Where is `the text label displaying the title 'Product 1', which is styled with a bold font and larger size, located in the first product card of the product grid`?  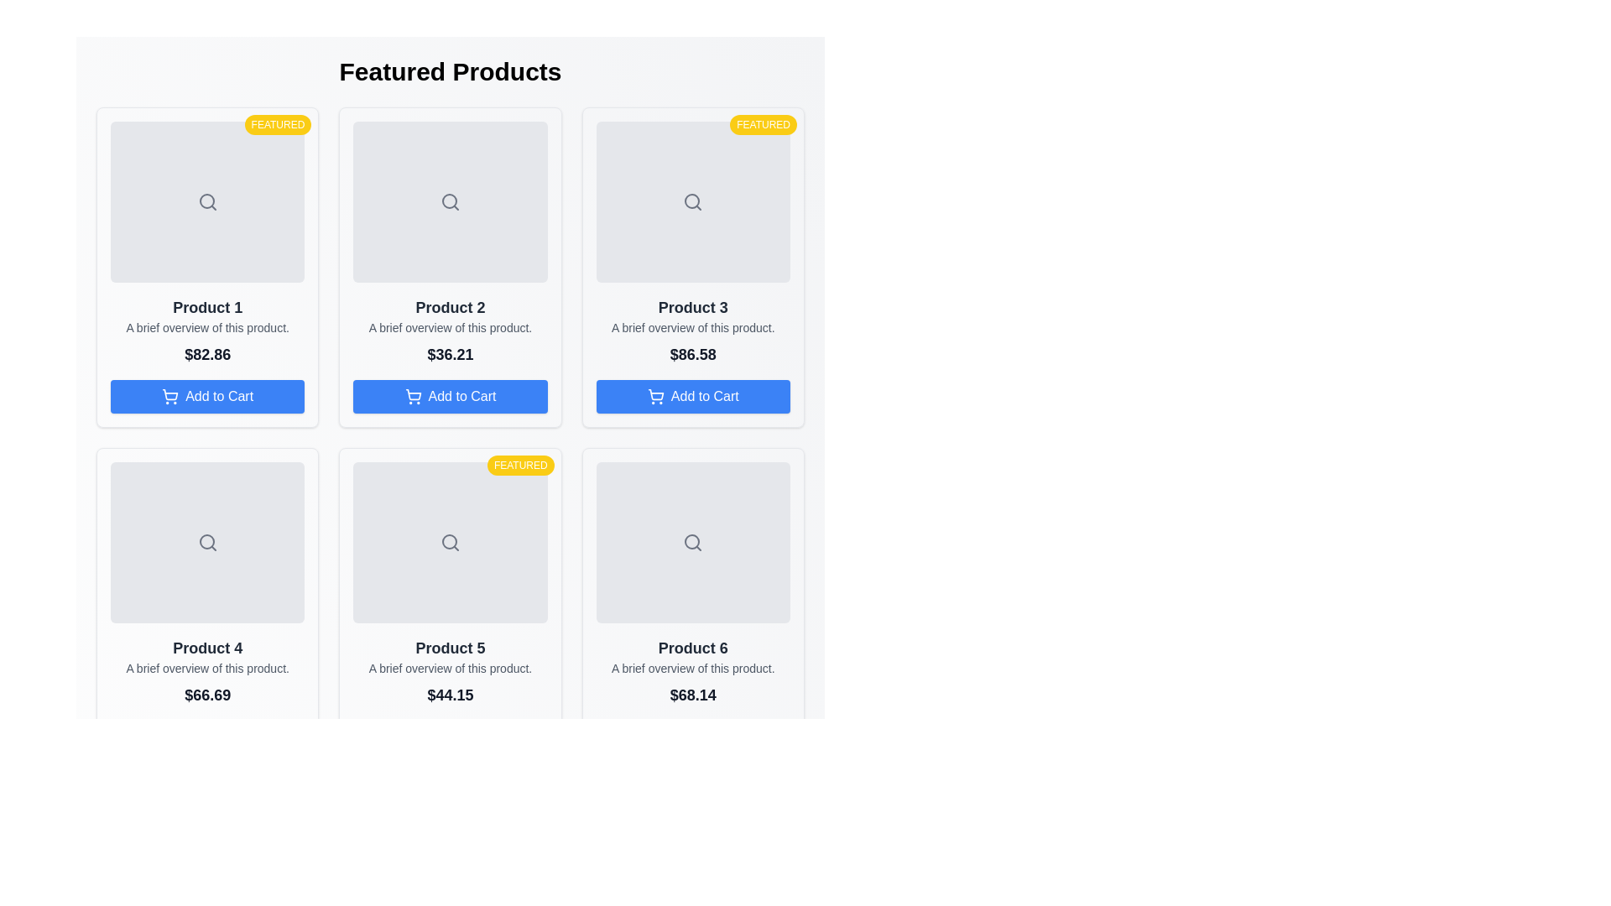
the text label displaying the title 'Product 1', which is styled with a bold font and larger size, located in the first product card of the product grid is located at coordinates (206, 307).